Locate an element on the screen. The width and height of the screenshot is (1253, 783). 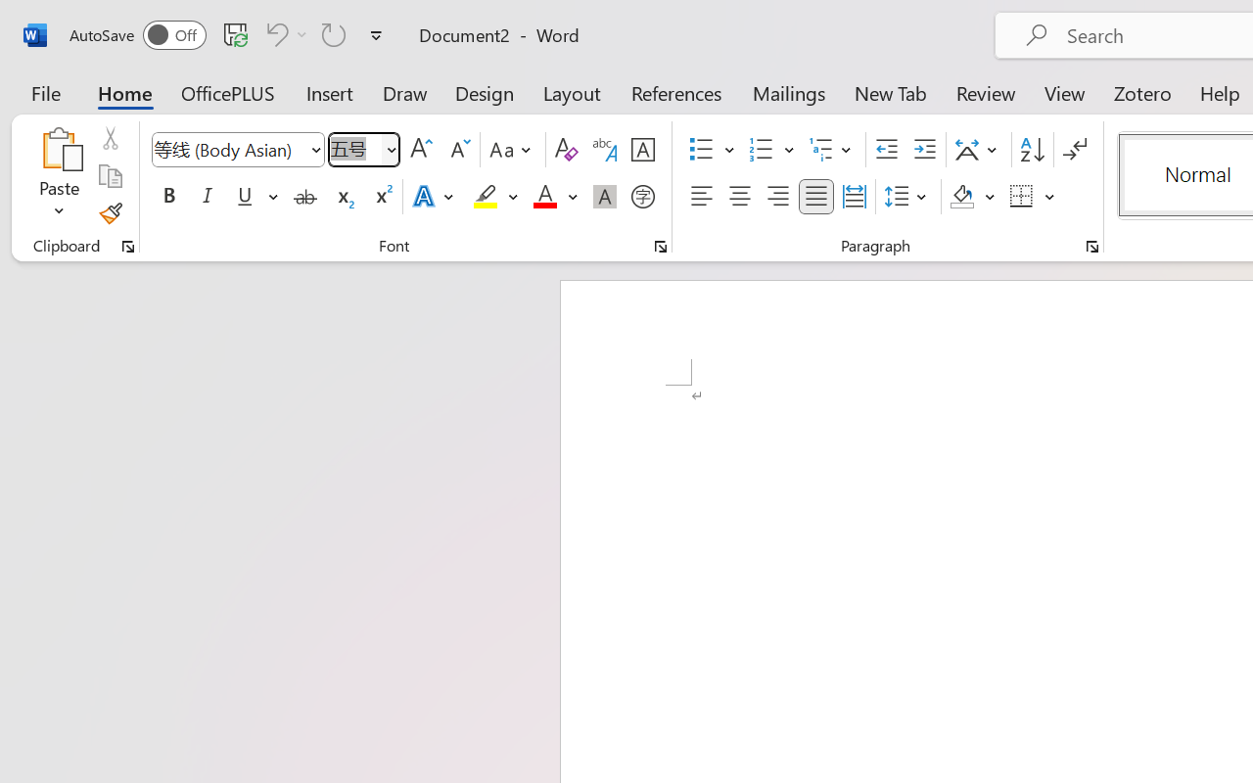
'Bullets' is located at coordinates (711, 150).